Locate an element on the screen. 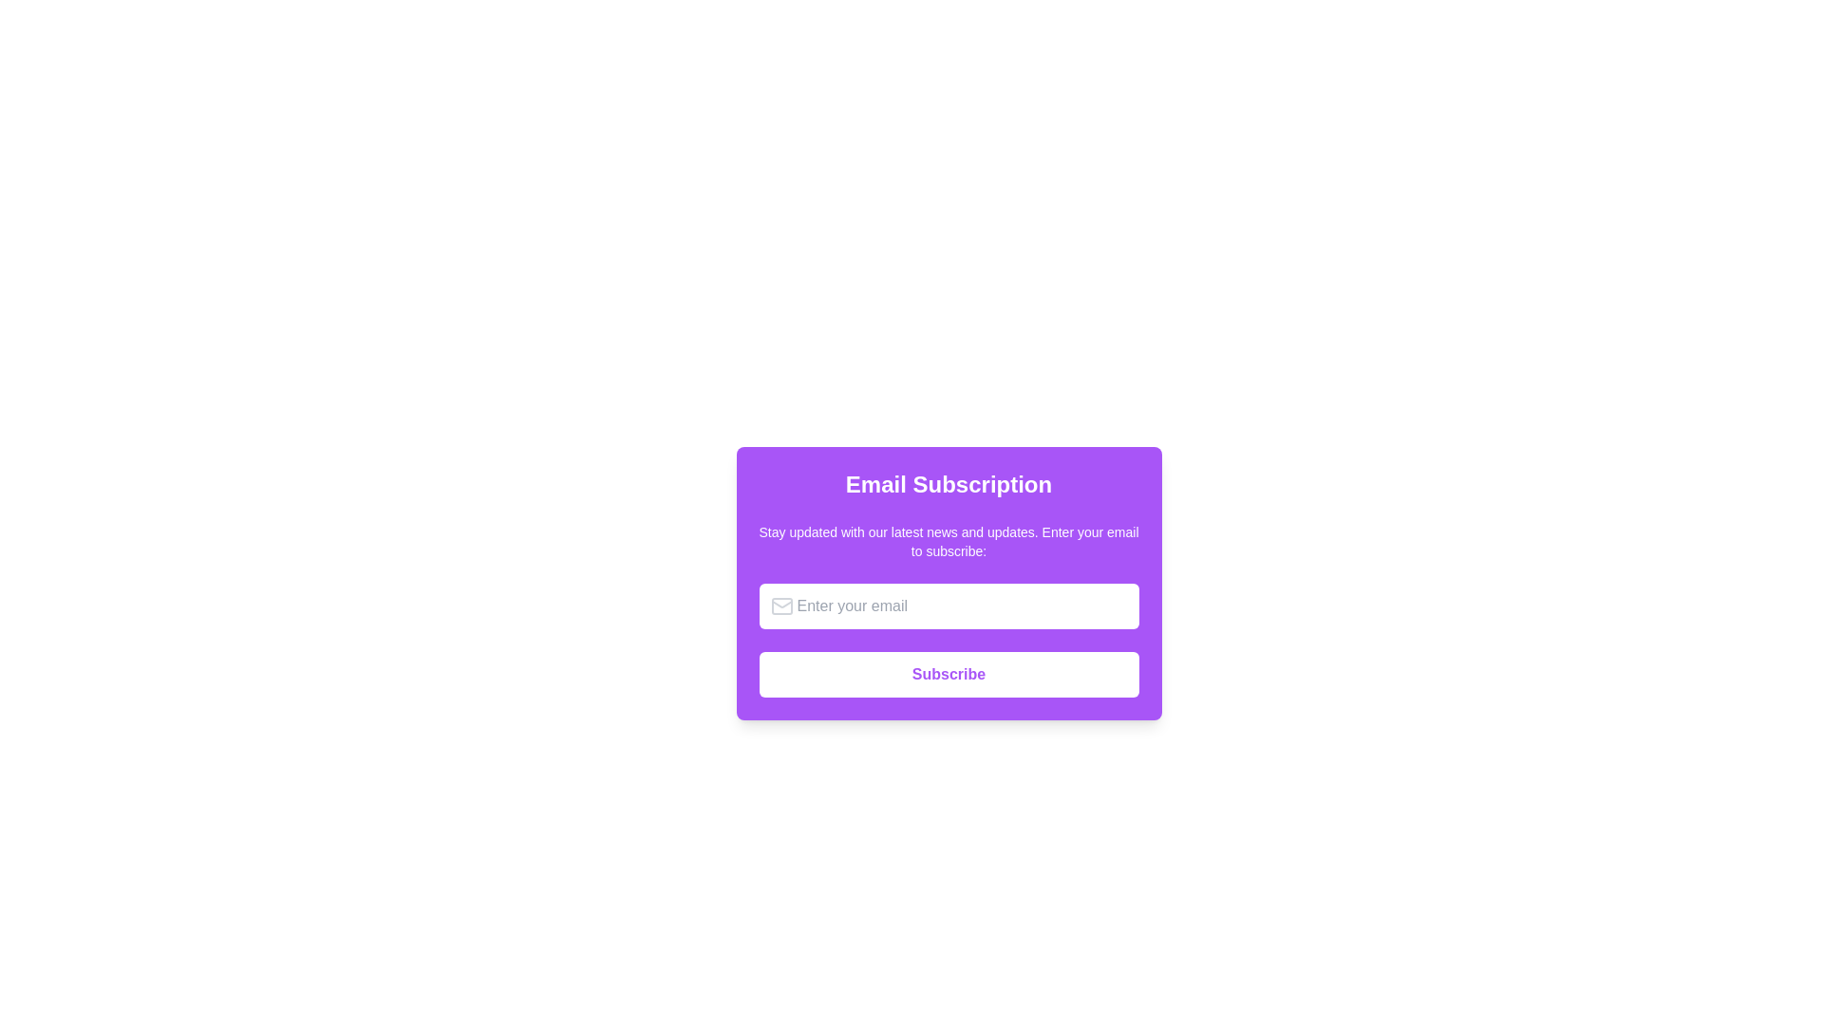 This screenshot has width=1823, height=1025. the introductory text block explaining the functionality of the email subscription form, which is located below the heading 'Email Subscription' and above the email input field and subscribe button is located at coordinates (949, 541).